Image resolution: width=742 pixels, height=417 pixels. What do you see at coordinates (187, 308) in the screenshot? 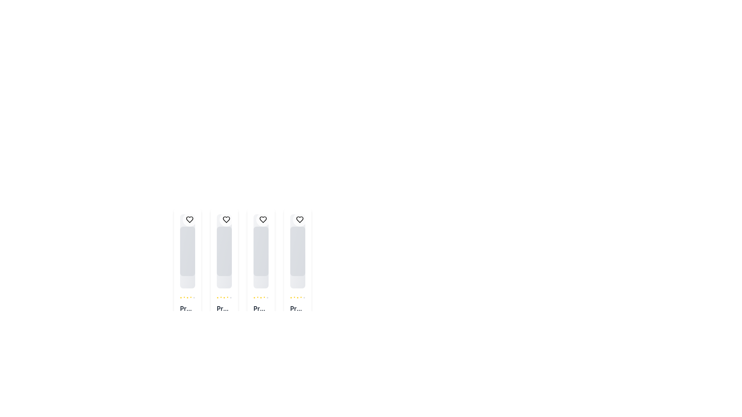
I see `text label displaying 'Product Name' in bold, dark gray font located within the first product card of a horizontally arranged list` at bounding box center [187, 308].